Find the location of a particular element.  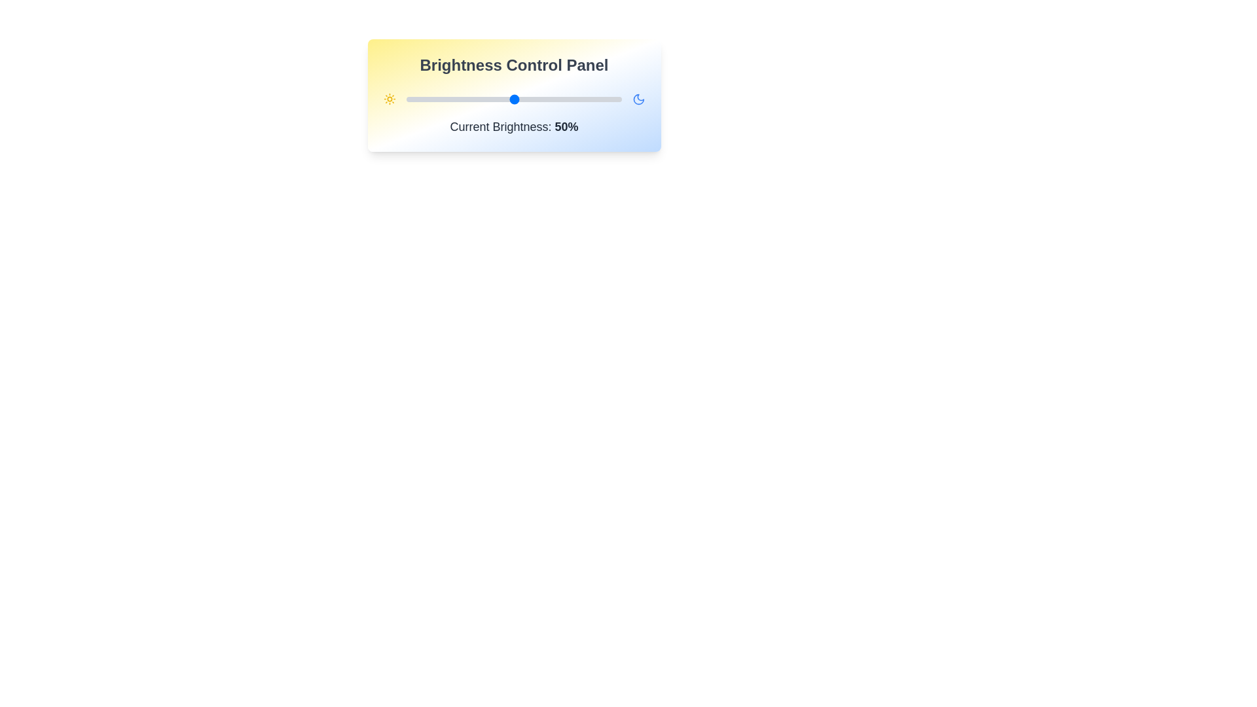

the informational text label that displays the current brightness level as 'Current Brightness: 50%', styled in grayish color with the percentage in bold, located at the bottom of the brightness control panel is located at coordinates (513, 126).